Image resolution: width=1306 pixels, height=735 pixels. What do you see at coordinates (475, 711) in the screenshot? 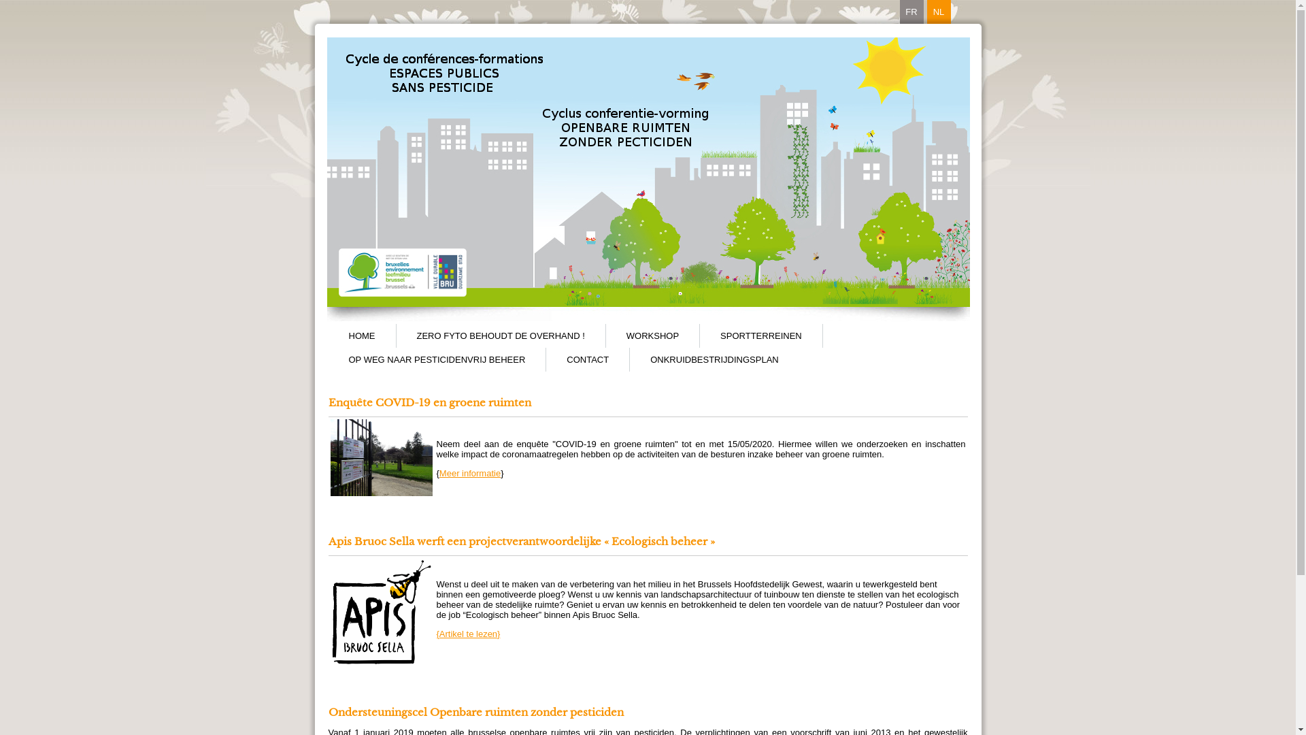
I see `'Ondersteuningscel Openbare ruimten zonder pesticiden'` at bounding box center [475, 711].